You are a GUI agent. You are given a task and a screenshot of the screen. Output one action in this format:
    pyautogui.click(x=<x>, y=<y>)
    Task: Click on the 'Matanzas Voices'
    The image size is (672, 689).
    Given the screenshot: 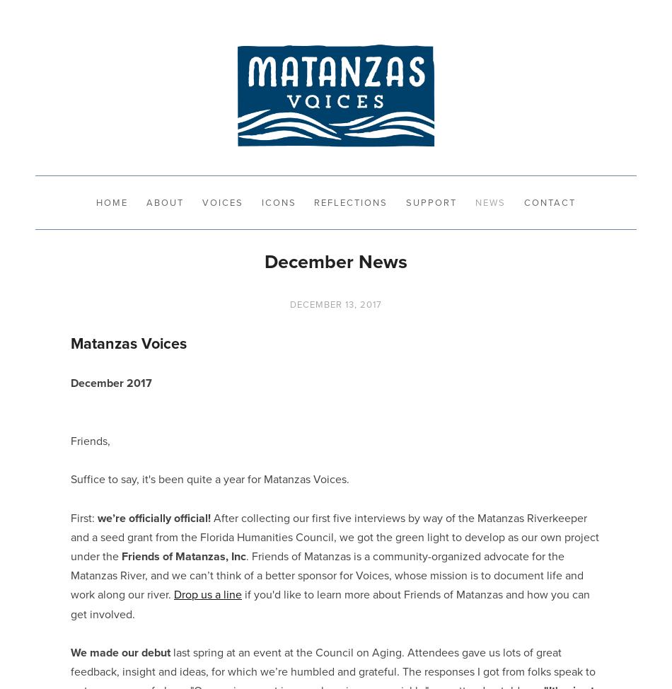 What is the action you would take?
    pyautogui.click(x=129, y=342)
    